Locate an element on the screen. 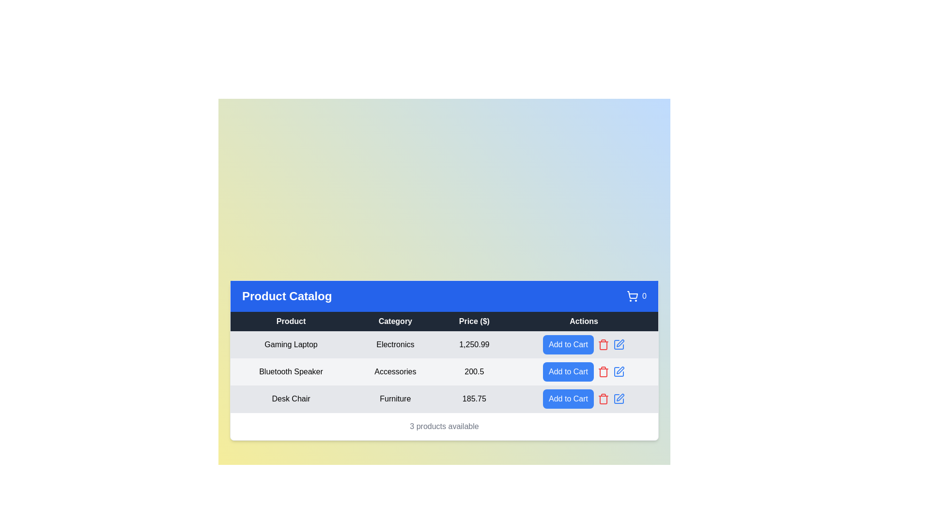  the Pen/Editing icon located in the rightmost position of the 'Actions' column in the third row of the 'Product Catalog' table to initiate an edit action is located at coordinates (620, 397).